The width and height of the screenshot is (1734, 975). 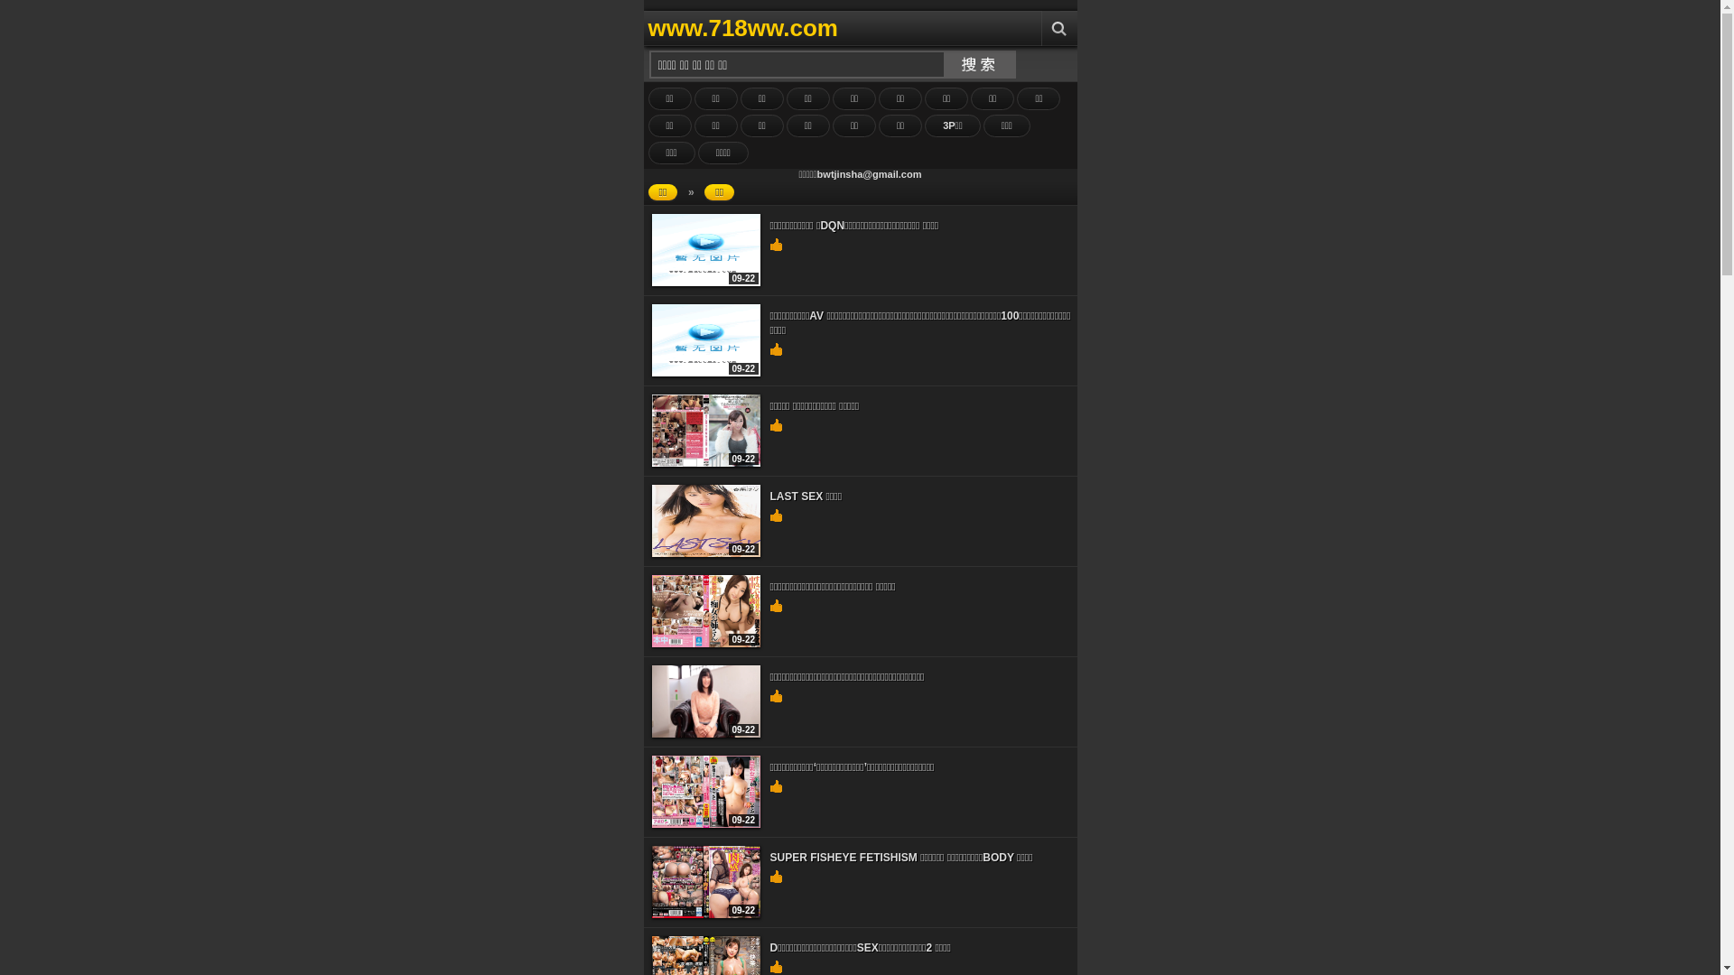 I want to click on '09-22', so click(x=705, y=824).